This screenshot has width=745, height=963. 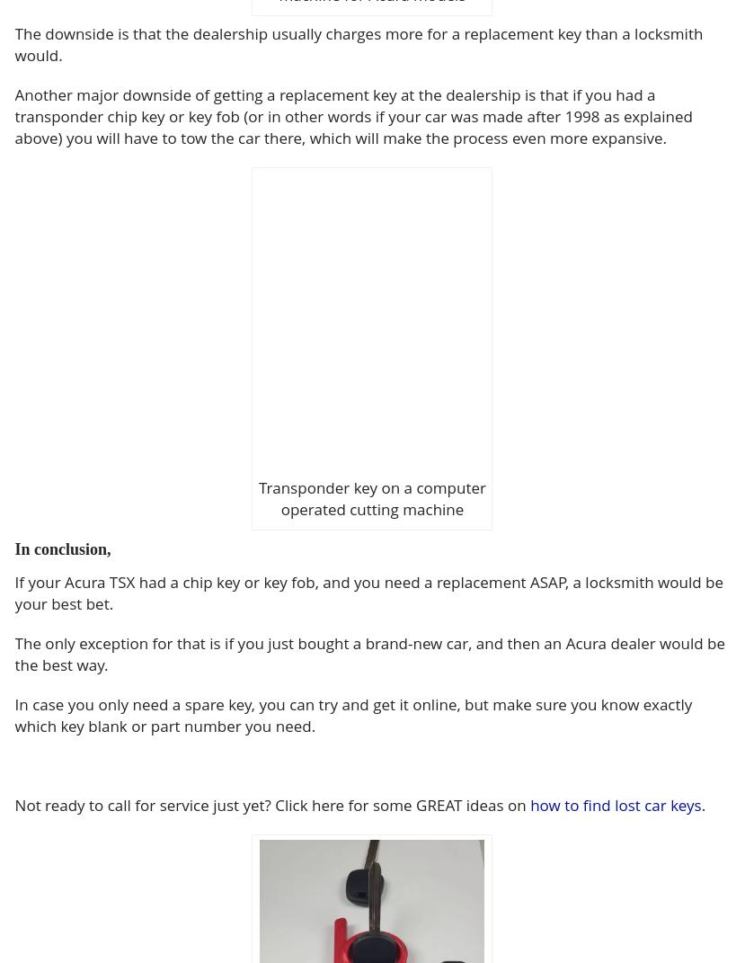 I want to click on 'how to find lost car keys', so click(x=616, y=805).